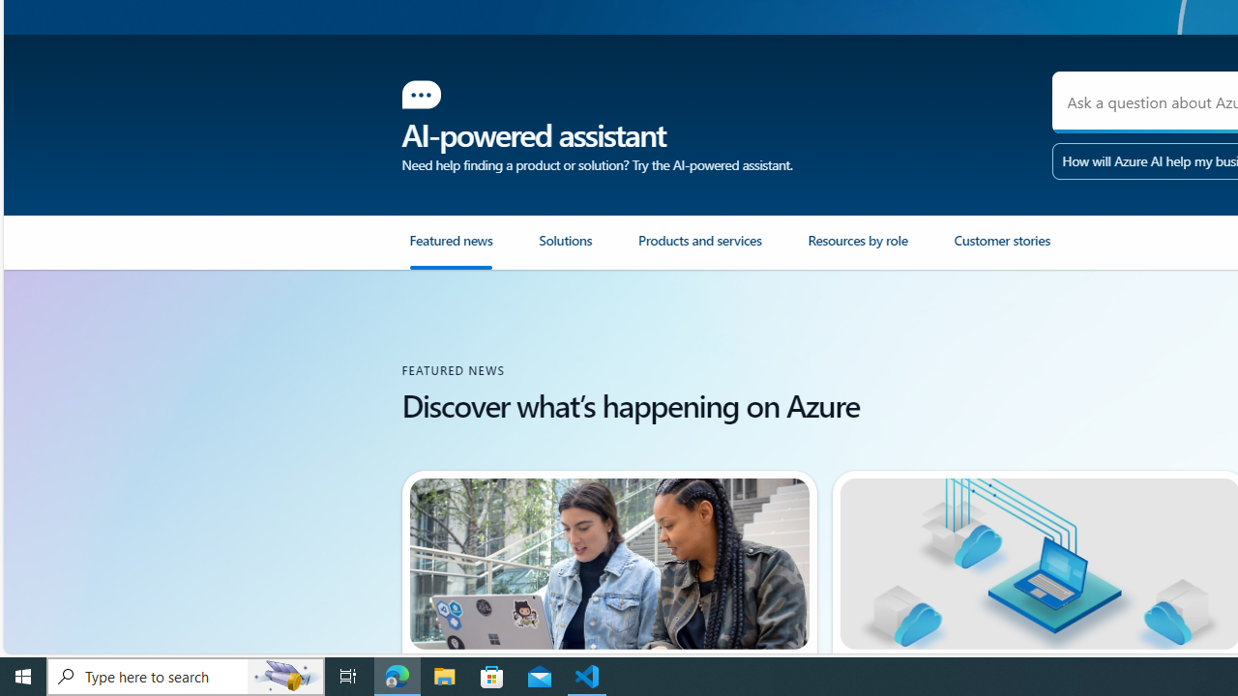  I want to click on 'Customer stories', so click(1001, 247).